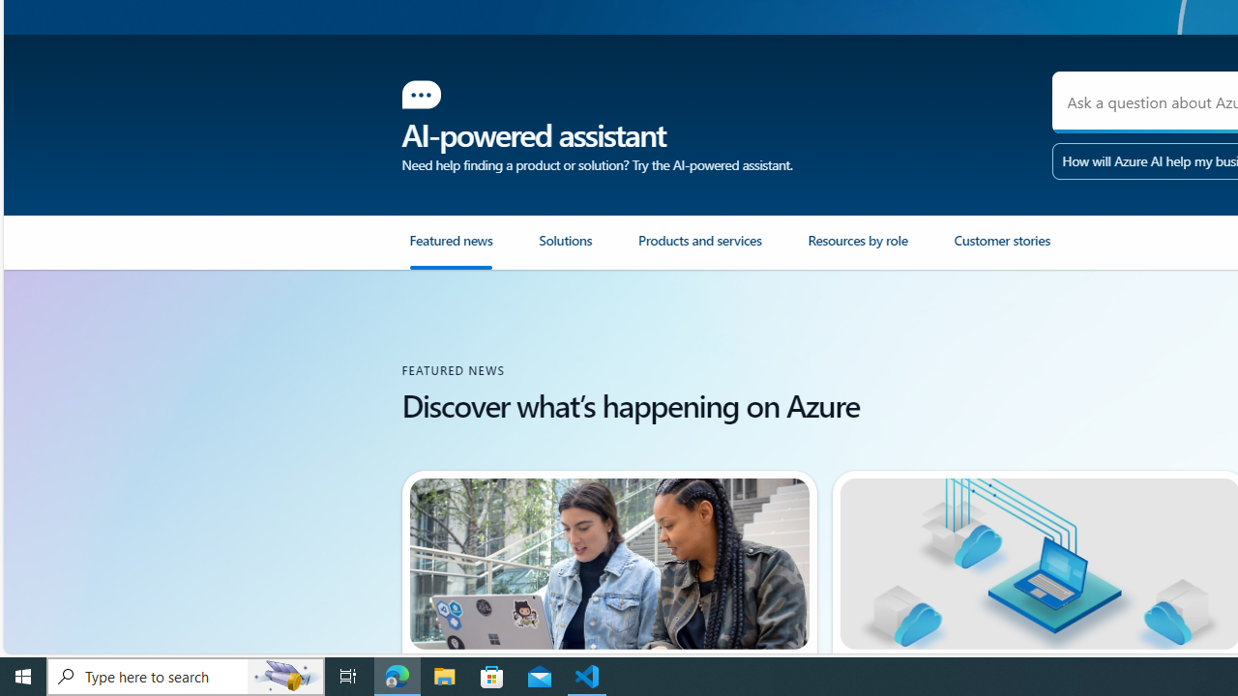  I want to click on 'Customer stories', so click(1001, 247).